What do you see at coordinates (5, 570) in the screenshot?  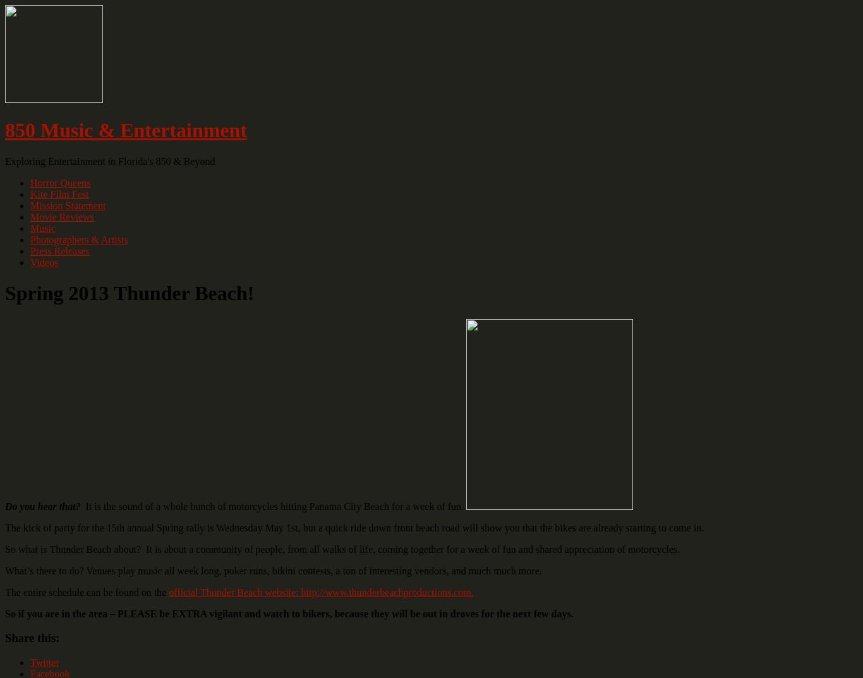 I see `'What’s there to do? Venues play music all week long, poker runs, bikini contests, a ton of interesting vendors, and much much more.'` at bounding box center [5, 570].